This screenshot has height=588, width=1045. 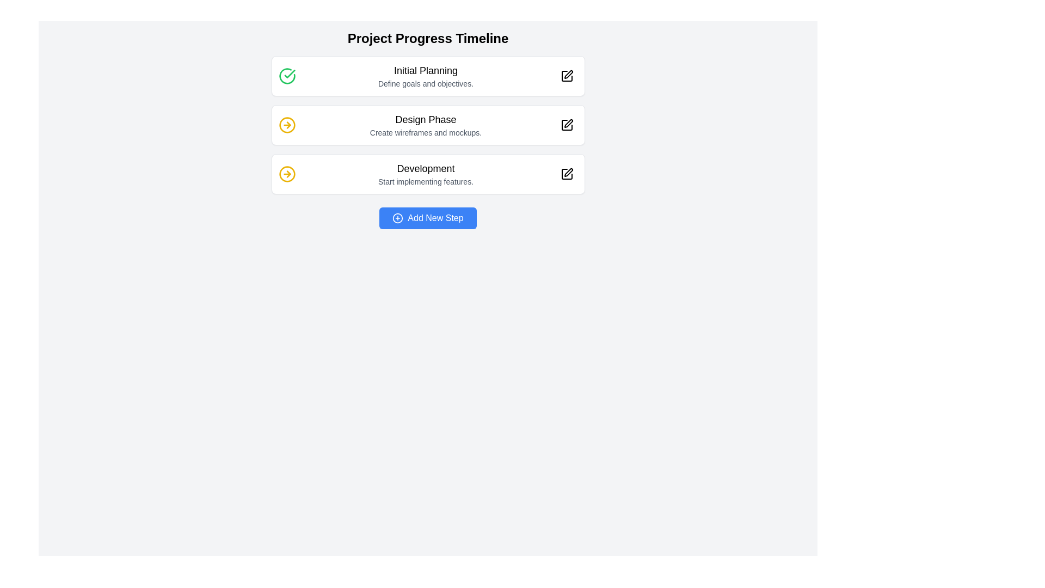 What do you see at coordinates (425, 83) in the screenshot?
I see `the static text element that displays 'Define goals and objectives.' located beneath the heading 'Initial Planning'` at bounding box center [425, 83].